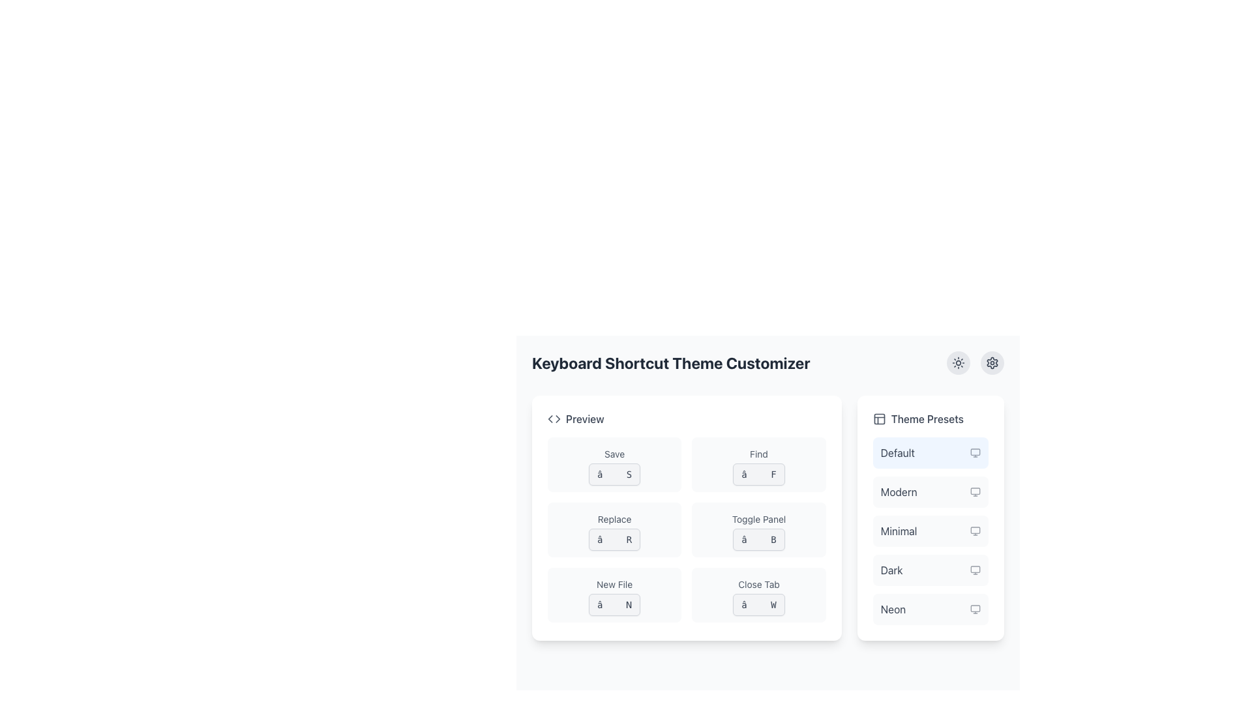  I want to click on the semi-transparent monitor icon located to the right of the 'Modern' label in the 'Theme Presets' section, so click(976, 492).